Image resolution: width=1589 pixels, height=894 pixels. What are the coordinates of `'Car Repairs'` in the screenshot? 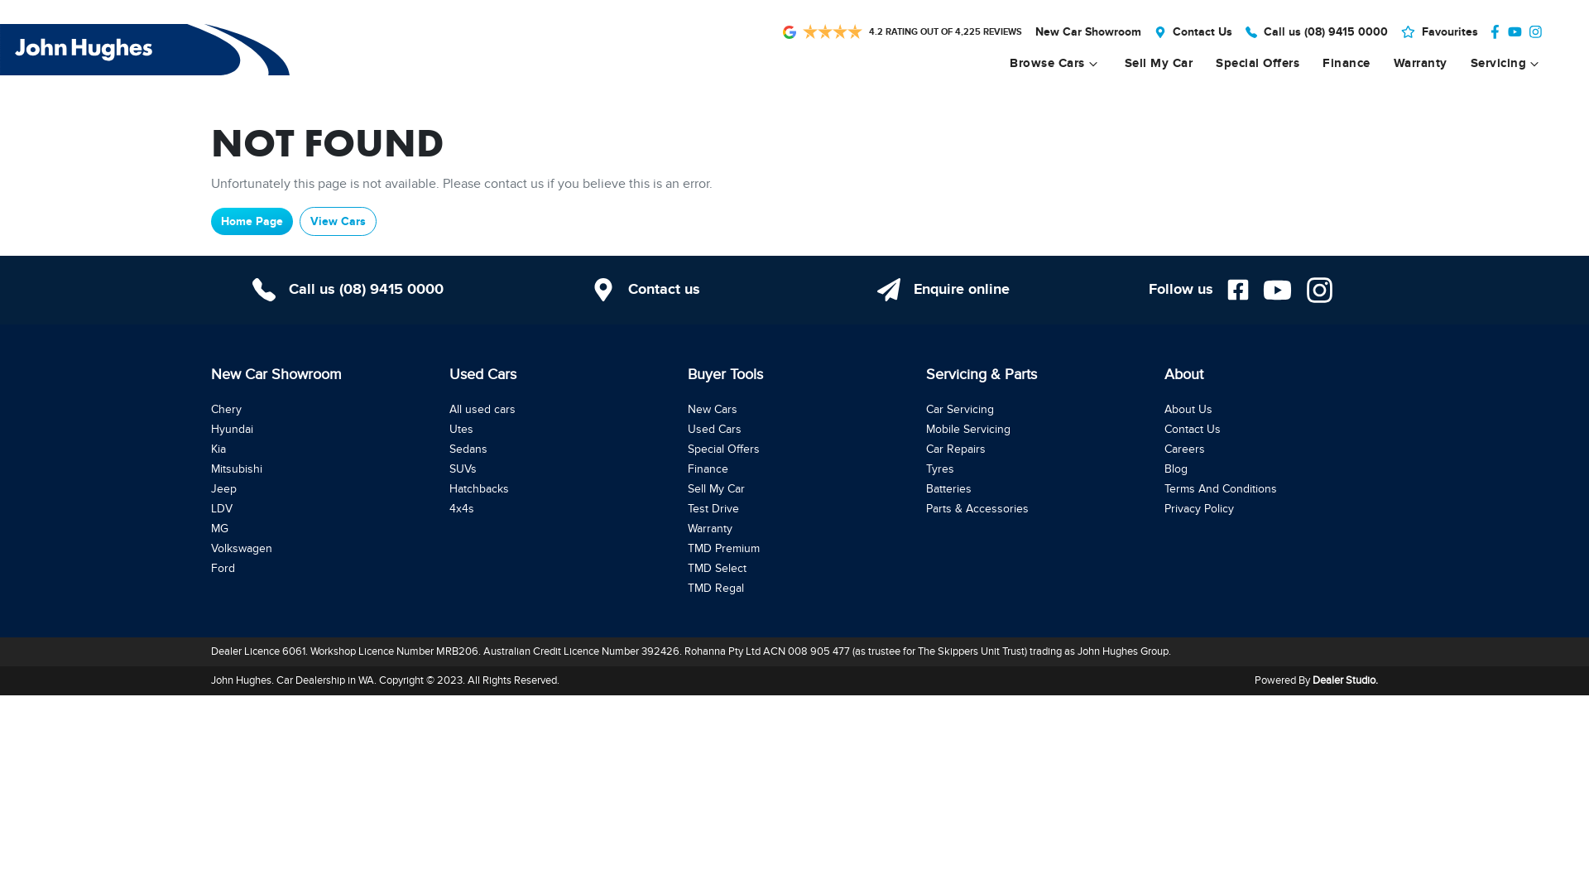 It's located at (956, 449).